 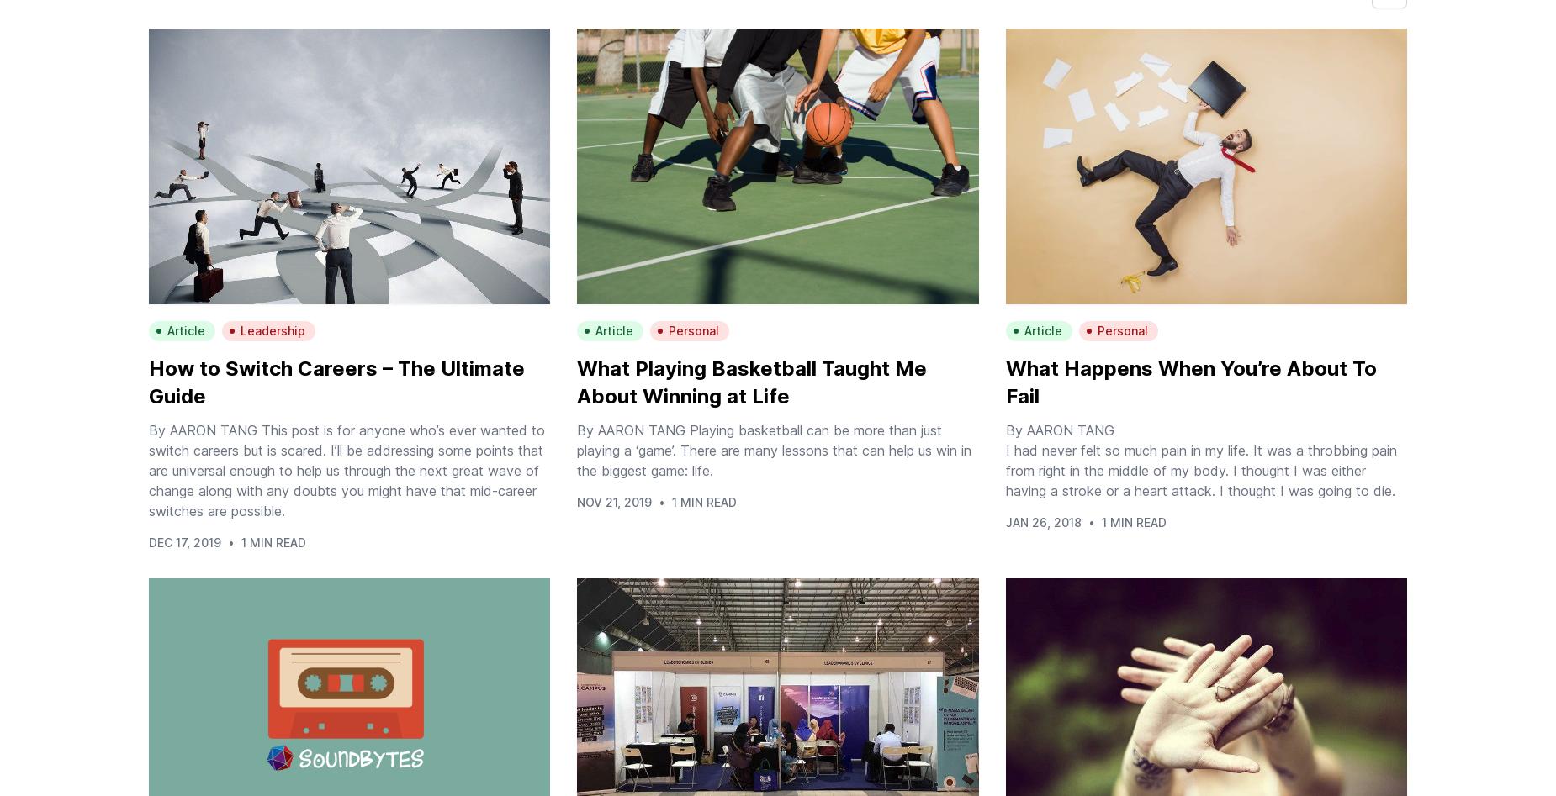 I want to click on 'Jan 26, 2018', so click(x=1042, y=522).